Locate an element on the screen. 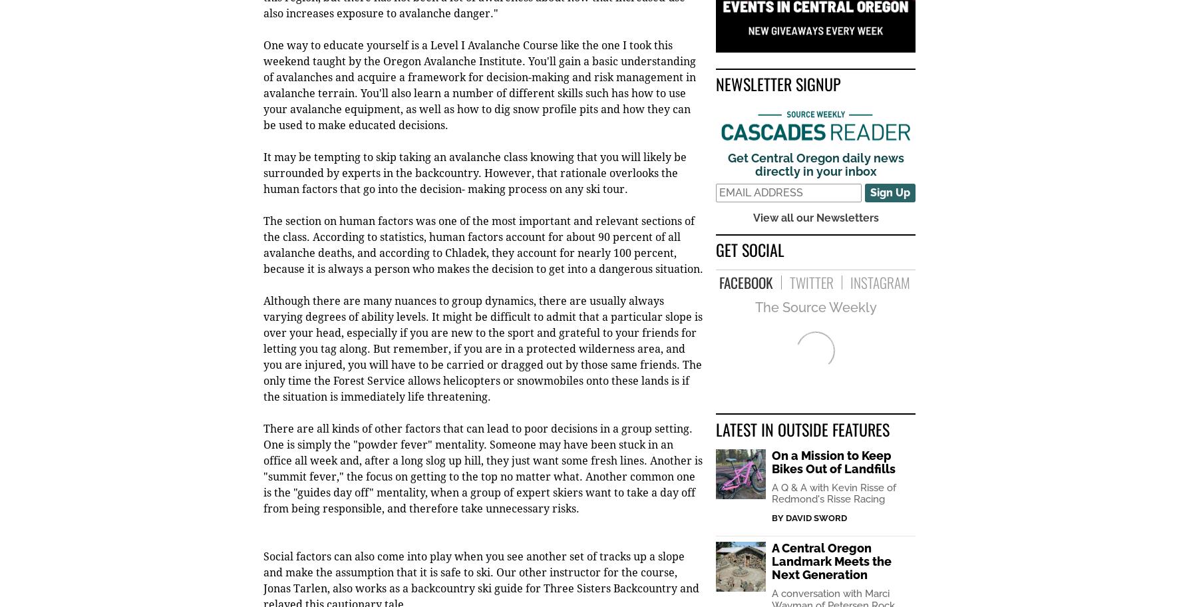  'Facebook' is located at coordinates (719, 283).